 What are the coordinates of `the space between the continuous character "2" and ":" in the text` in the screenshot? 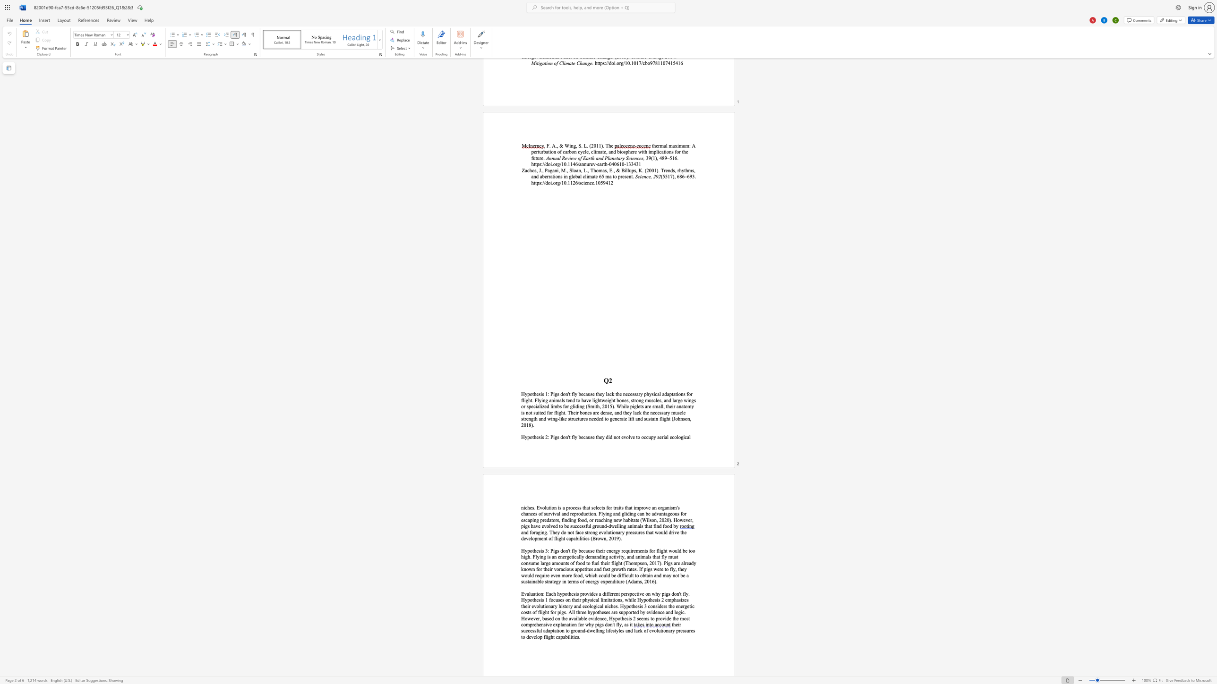 It's located at (547, 436).